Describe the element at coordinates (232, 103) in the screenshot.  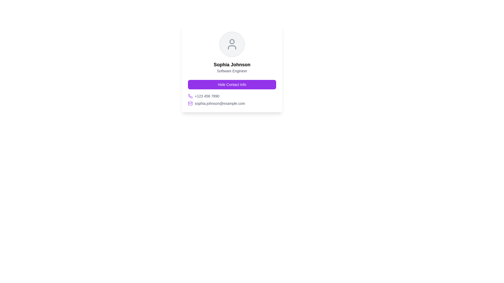
I see `the email address display element located below the phone number in the lower section of the card layout` at that location.